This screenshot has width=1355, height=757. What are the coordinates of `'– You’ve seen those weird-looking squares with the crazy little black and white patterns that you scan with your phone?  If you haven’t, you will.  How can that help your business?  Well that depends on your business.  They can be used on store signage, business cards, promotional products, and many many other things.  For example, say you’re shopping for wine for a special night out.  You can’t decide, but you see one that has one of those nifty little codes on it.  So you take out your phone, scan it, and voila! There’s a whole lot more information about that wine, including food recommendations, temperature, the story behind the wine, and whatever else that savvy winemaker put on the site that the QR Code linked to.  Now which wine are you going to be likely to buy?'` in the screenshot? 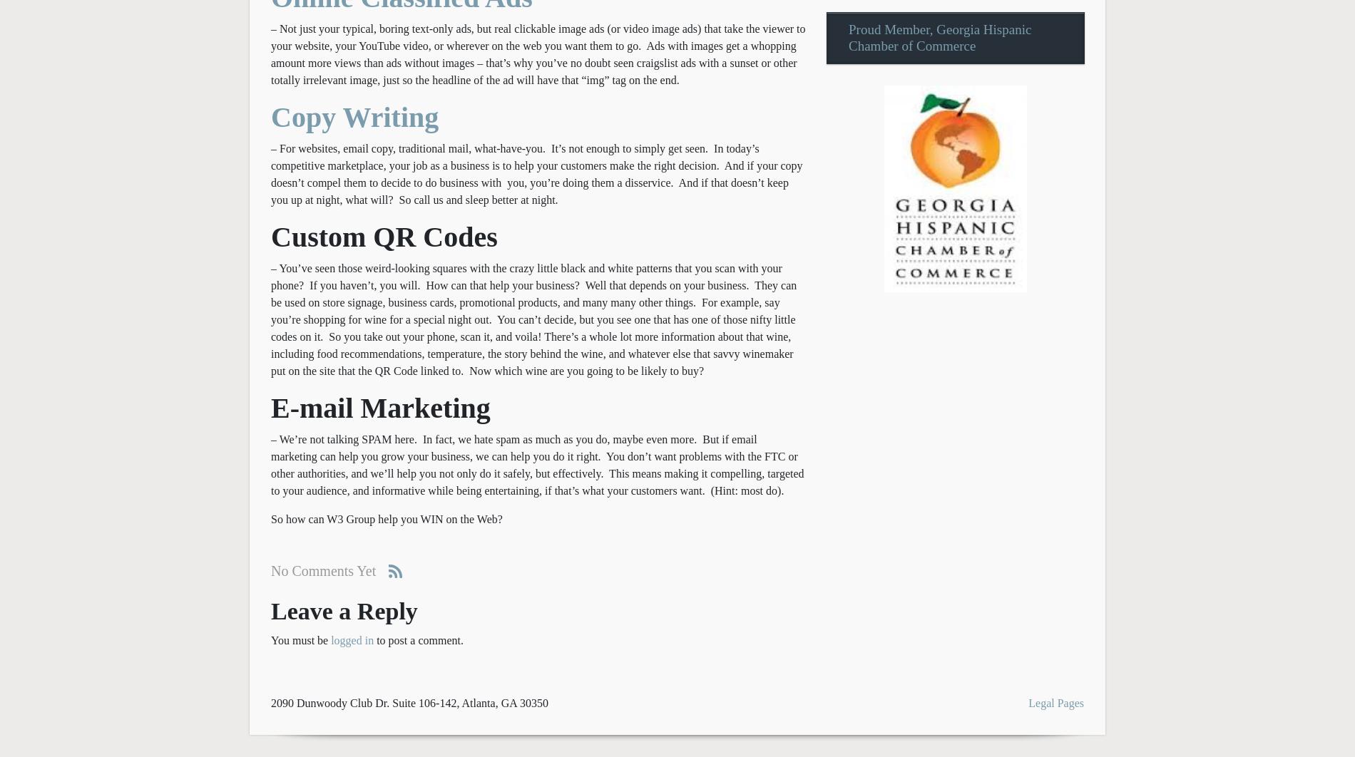 It's located at (533, 318).